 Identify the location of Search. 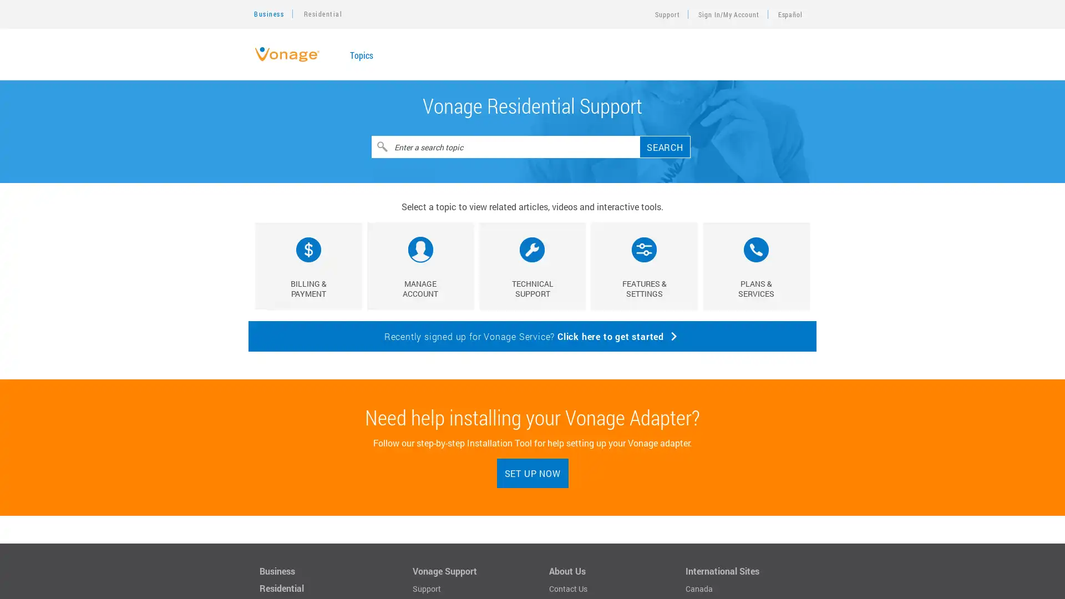
(665, 146).